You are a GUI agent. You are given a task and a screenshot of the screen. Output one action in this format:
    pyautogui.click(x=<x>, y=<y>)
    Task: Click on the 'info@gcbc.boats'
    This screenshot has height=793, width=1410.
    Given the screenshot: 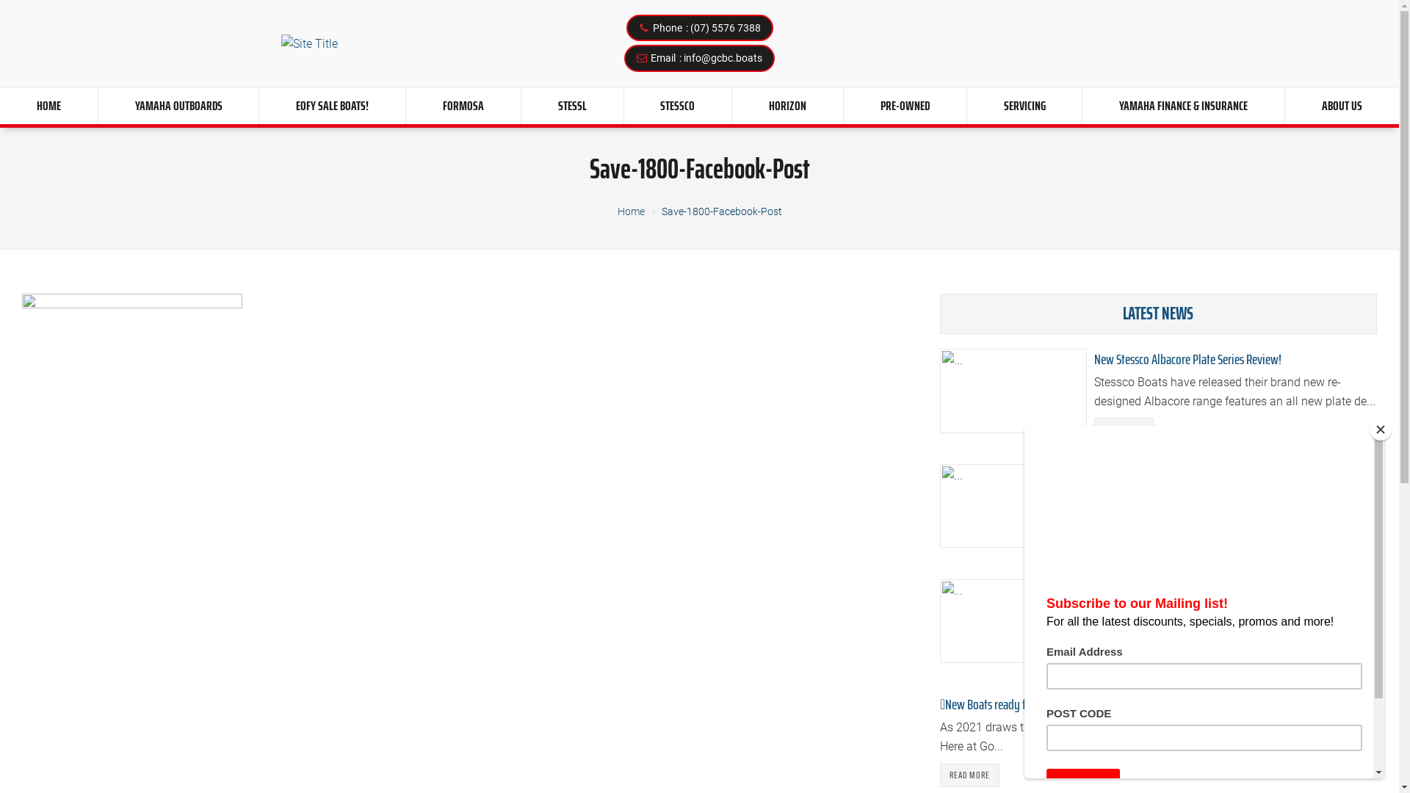 What is the action you would take?
    pyautogui.click(x=683, y=57)
    